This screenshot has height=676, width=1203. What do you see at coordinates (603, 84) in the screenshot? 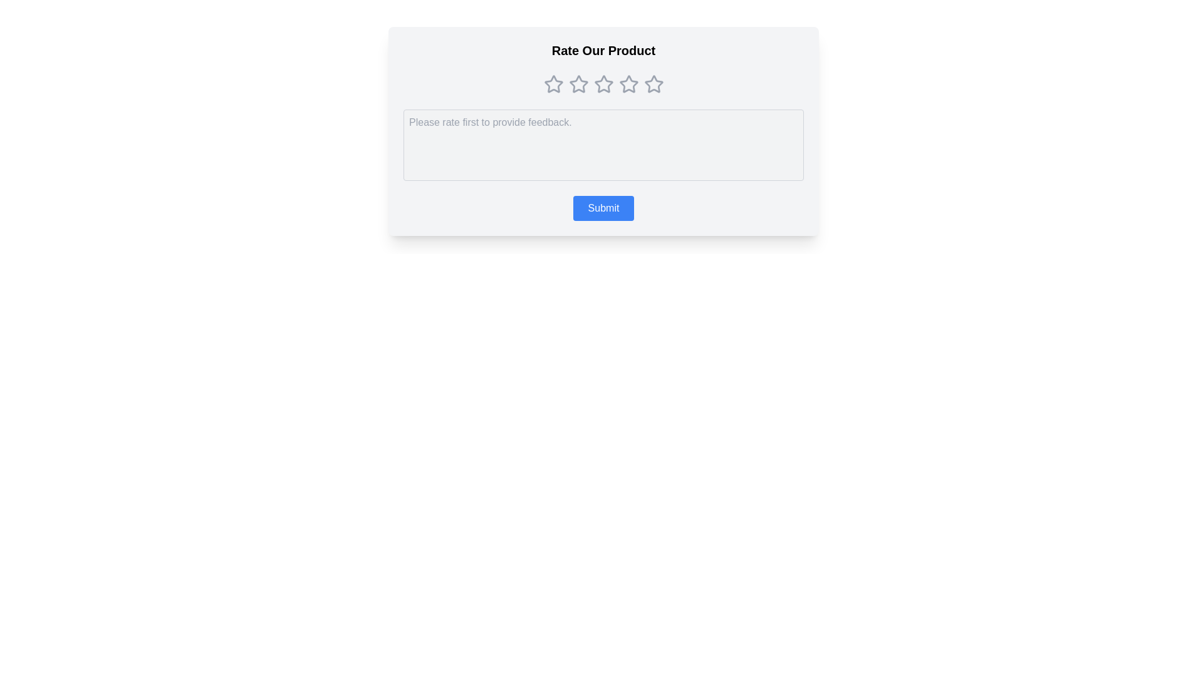
I see `the star icon in the rating component located under the title 'Rate Our Product'` at bounding box center [603, 84].